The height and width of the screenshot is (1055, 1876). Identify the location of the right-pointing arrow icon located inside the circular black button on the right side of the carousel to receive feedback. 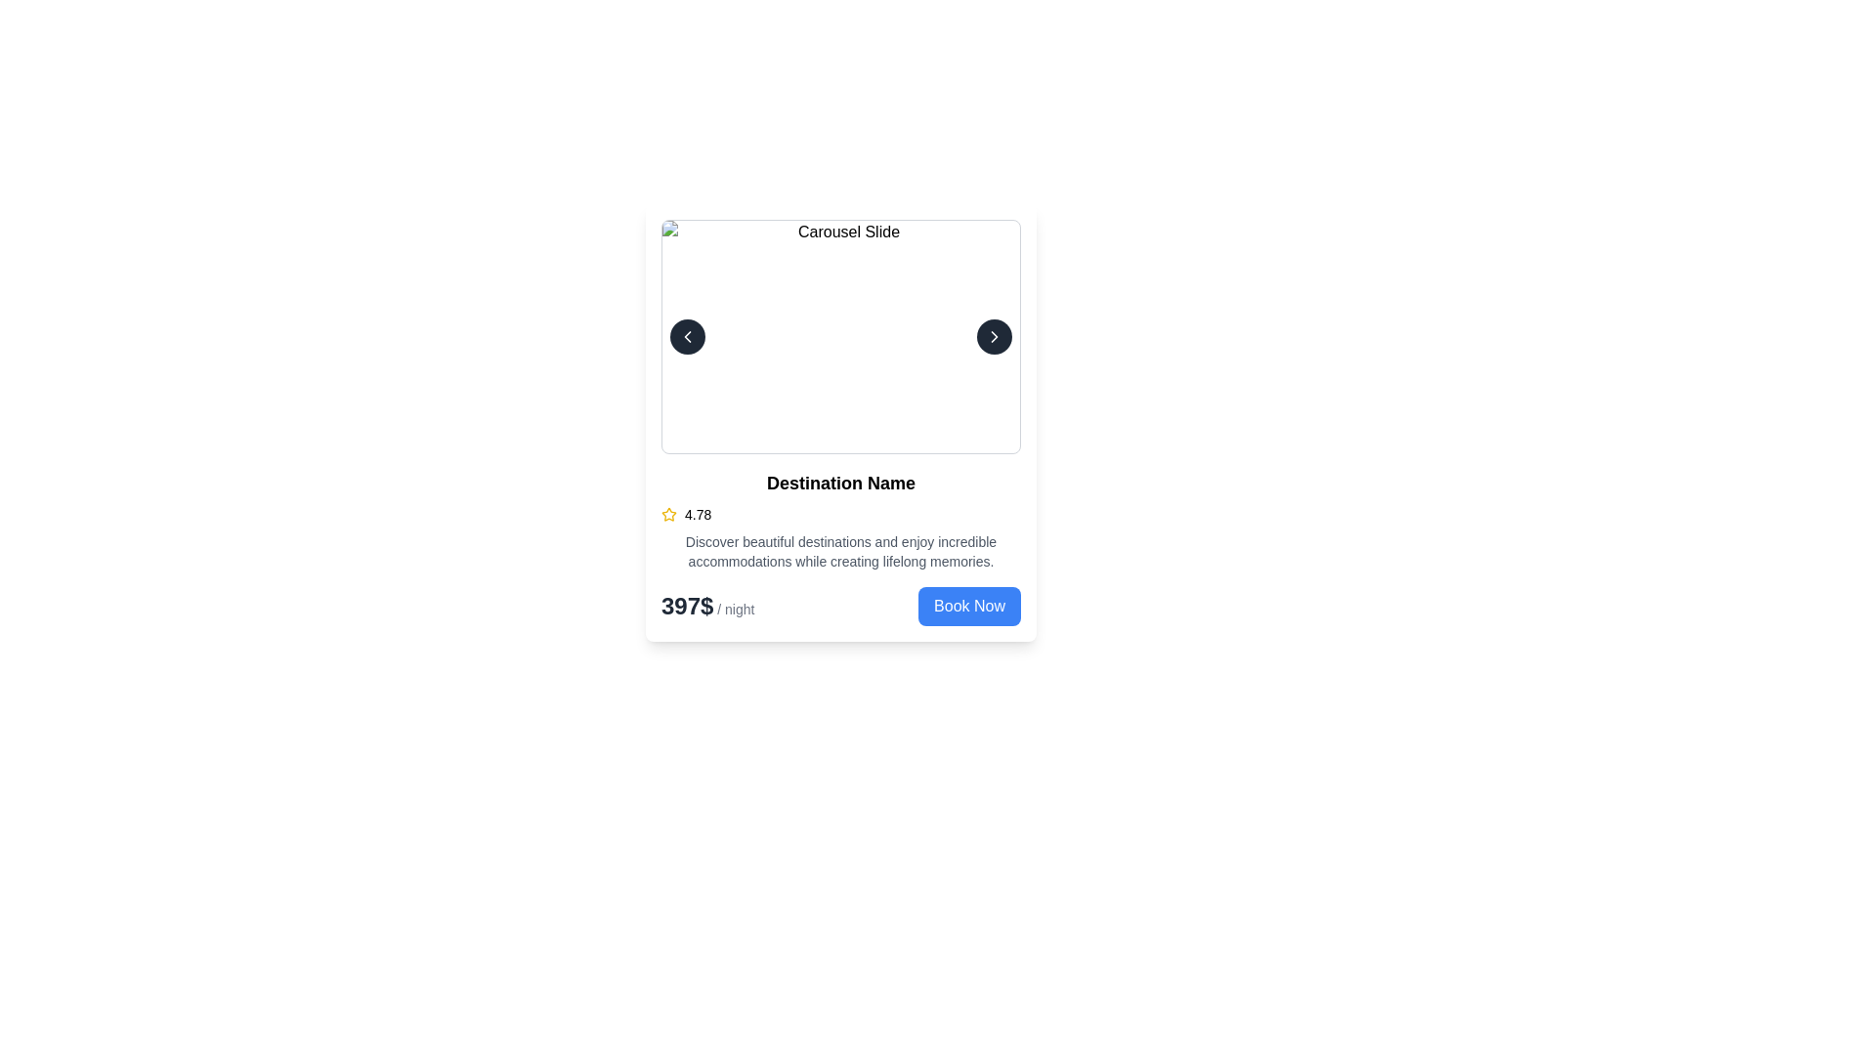
(994, 335).